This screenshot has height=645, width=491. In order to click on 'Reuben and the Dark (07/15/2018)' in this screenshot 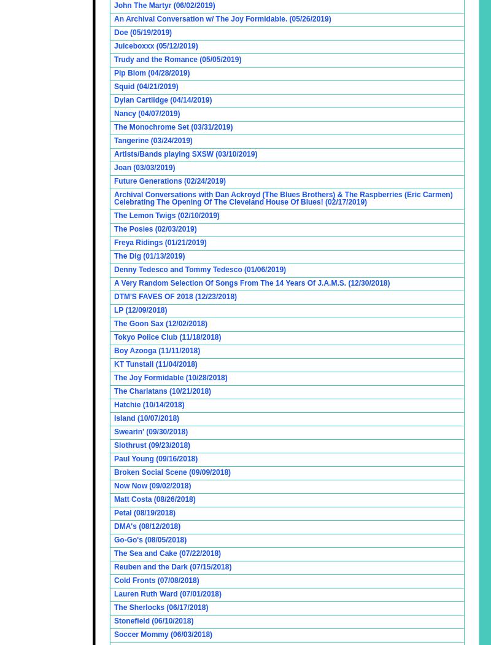, I will do `click(172, 566)`.